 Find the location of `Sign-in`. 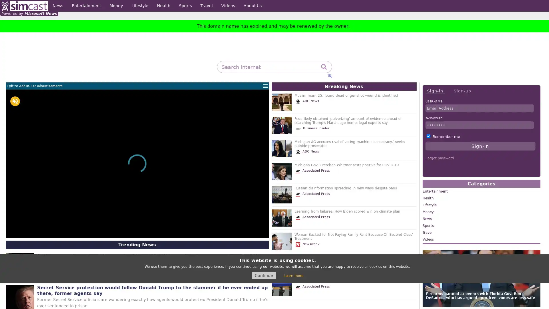

Sign-in is located at coordinates (435, 91).